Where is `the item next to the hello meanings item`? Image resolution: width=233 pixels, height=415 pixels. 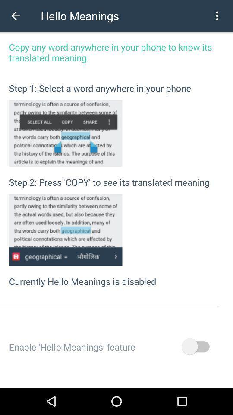 the item next to the hello meanings item is located at coordinates (217, 15).